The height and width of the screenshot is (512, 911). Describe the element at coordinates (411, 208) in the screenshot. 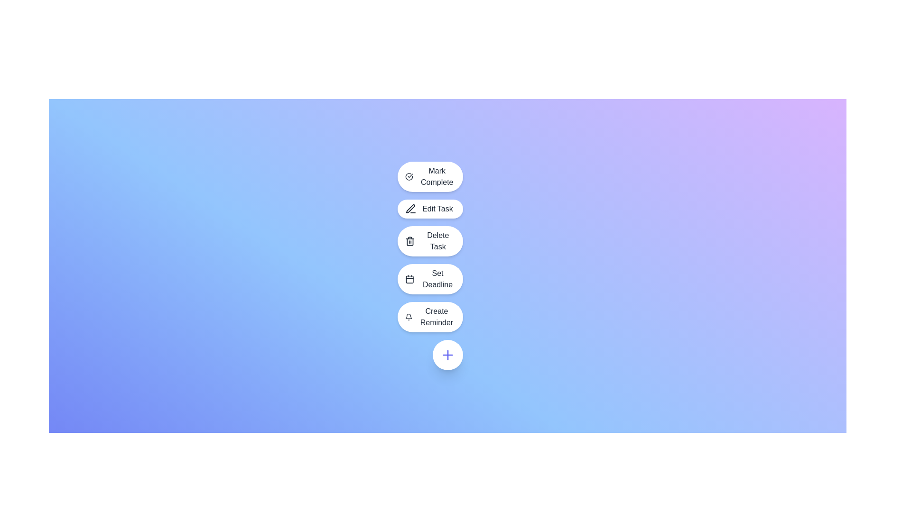

I see `the edit icon located to the left of the 'Edit Task' text label, which visually complements the 'Edit Task' functionality` at that location.